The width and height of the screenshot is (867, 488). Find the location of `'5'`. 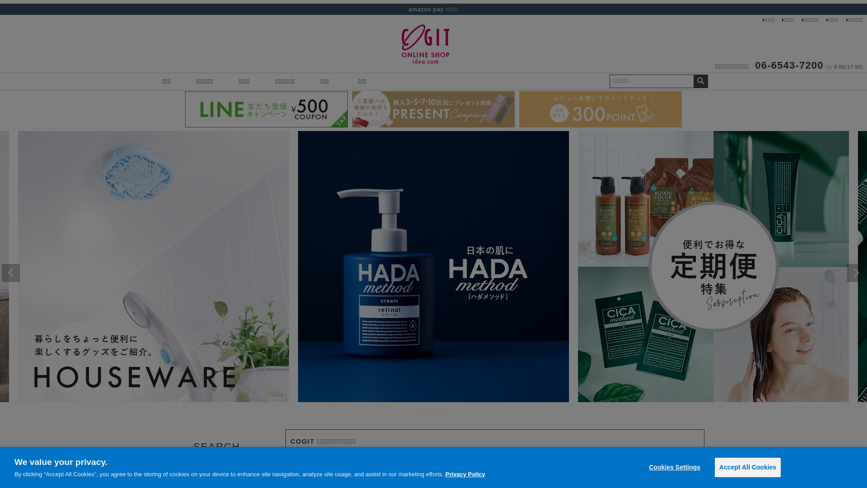

'5' is located at coordinates (446, 410).